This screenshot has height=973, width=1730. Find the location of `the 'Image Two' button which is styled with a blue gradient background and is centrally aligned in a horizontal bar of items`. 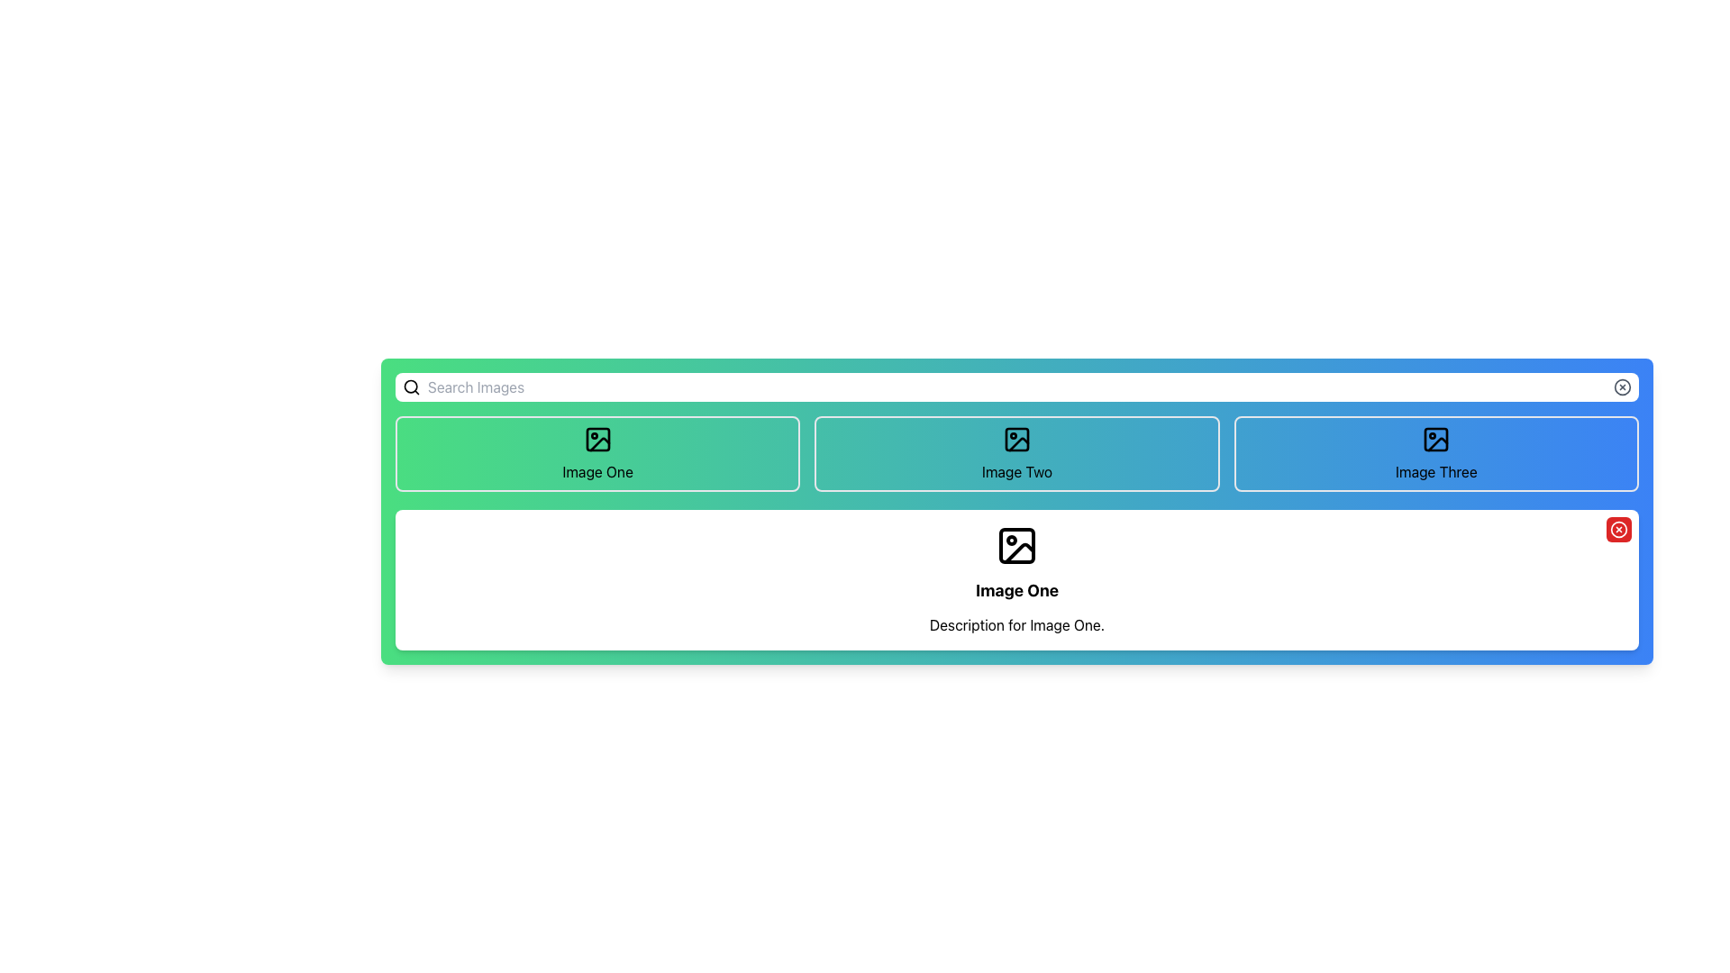

the 'Image Two' button which is styled with a blue gradient background and is centrally aligned in a horizontal bar of items is located at coordinates (1016, 471).